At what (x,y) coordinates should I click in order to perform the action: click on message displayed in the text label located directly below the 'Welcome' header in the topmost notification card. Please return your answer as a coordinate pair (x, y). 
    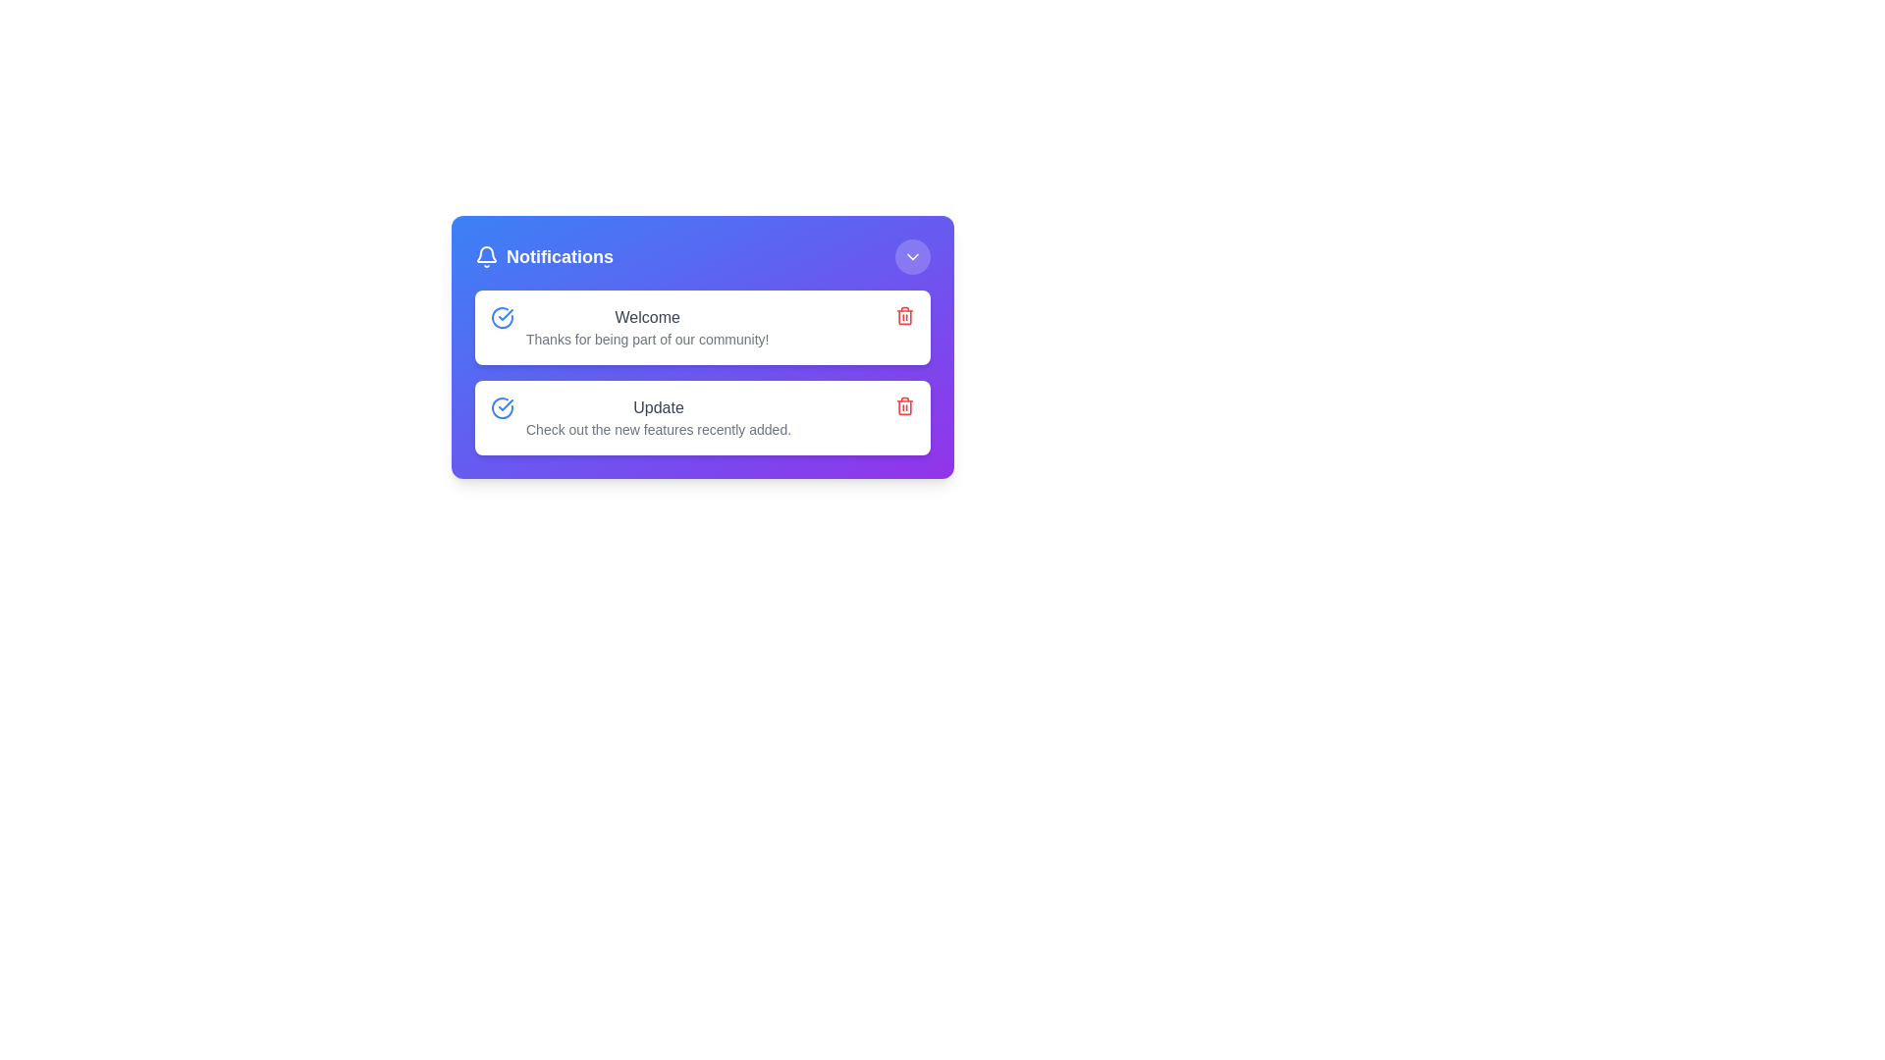
    Looking at the image, I should click on (647, 339).